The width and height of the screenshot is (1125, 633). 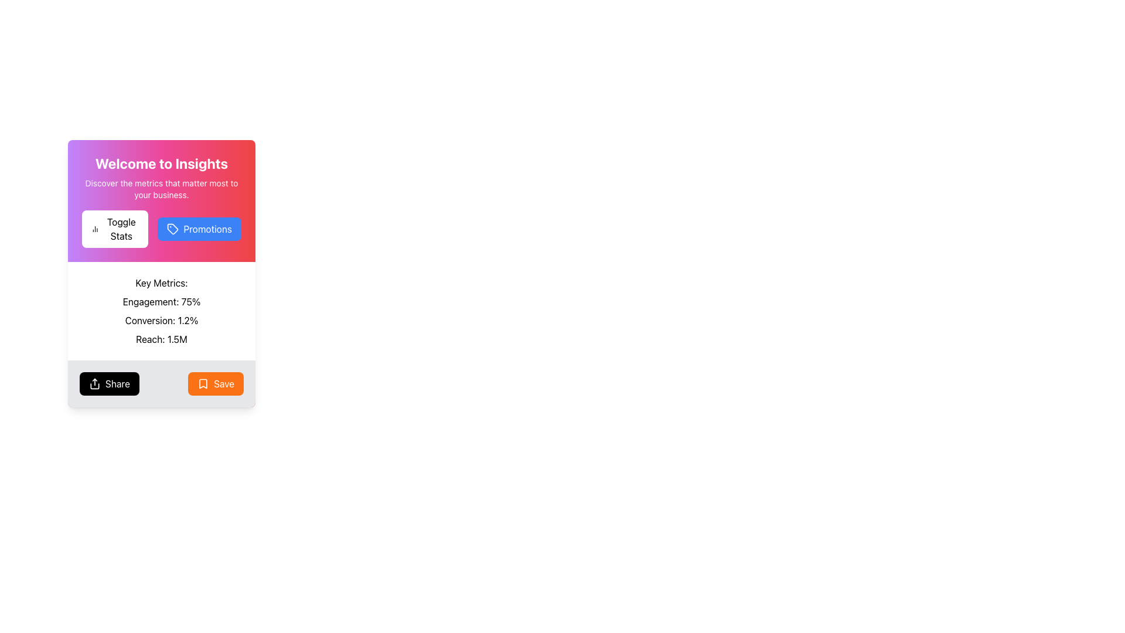 What do you see at coordinates (199, 229) in the screenshot?
I see `the 'Promotions' button located to the right of the 'Toggle Stats' button, below the 'Welcome to Insights' heading` at bounding box center [199, 229].